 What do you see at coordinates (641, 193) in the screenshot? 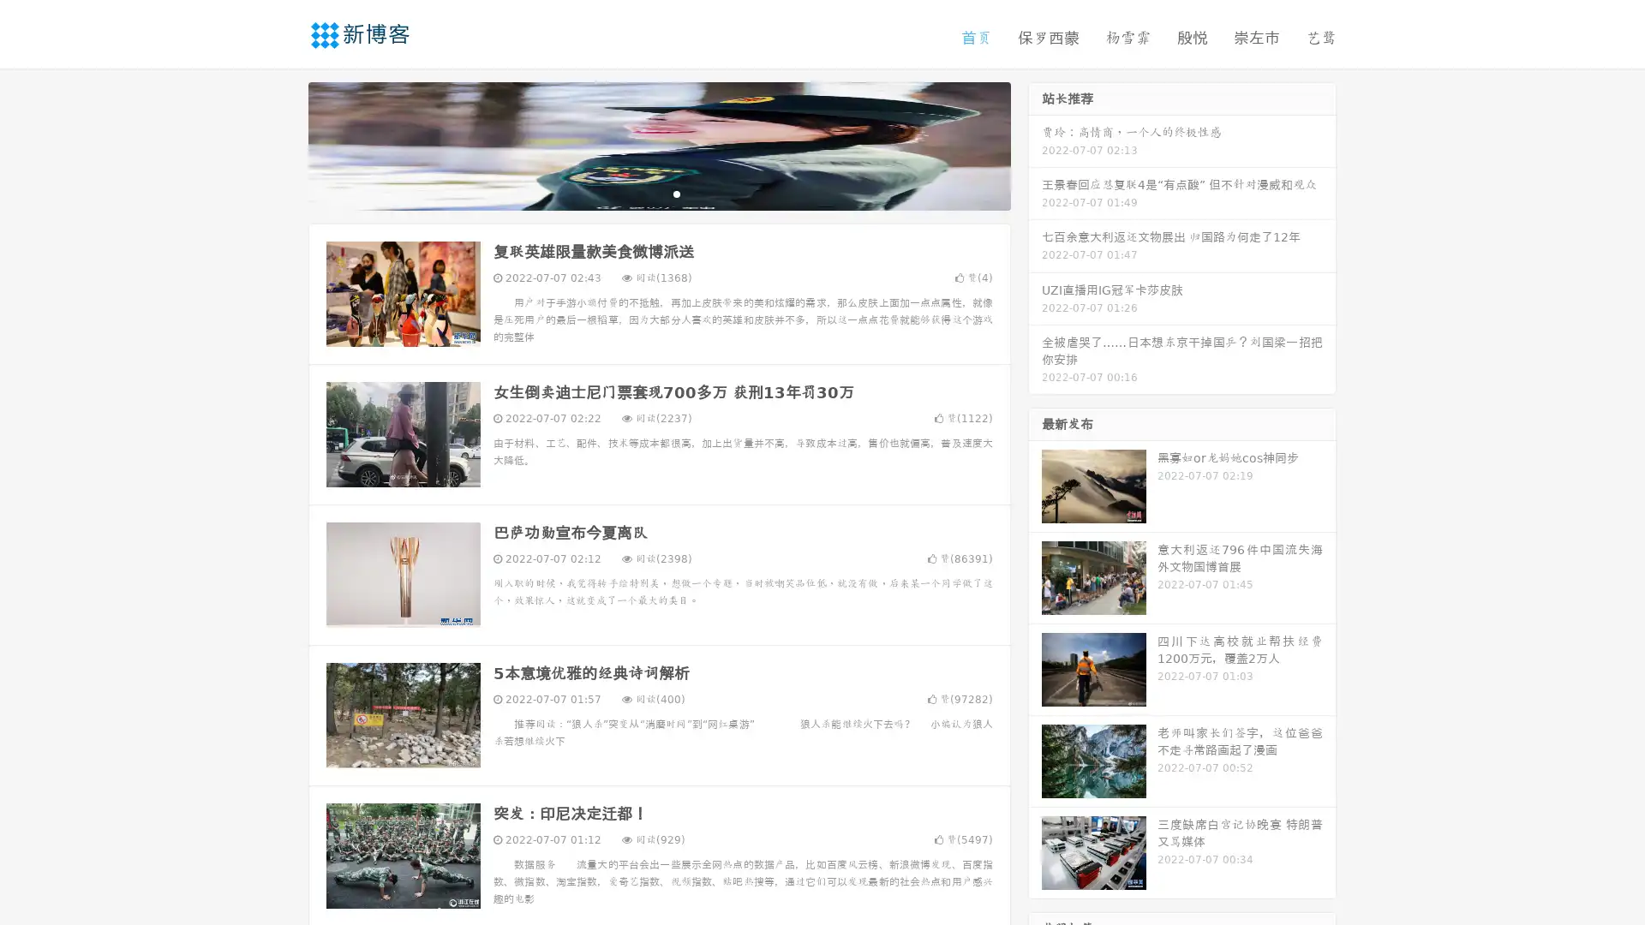
I see `Go to slide 1` at bounding box center [641, 193].